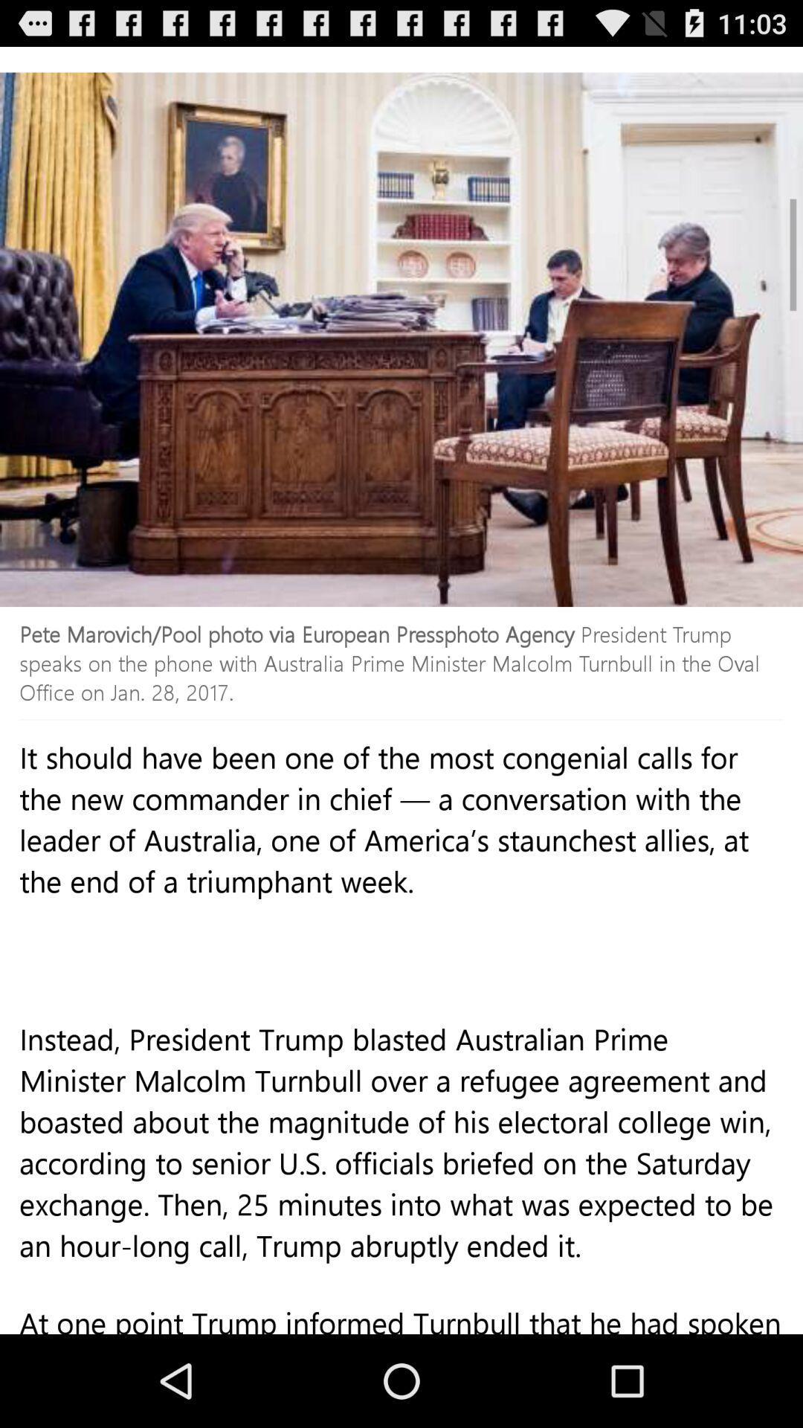  I want to click on icon below the it should have item, so click(401, 1174).